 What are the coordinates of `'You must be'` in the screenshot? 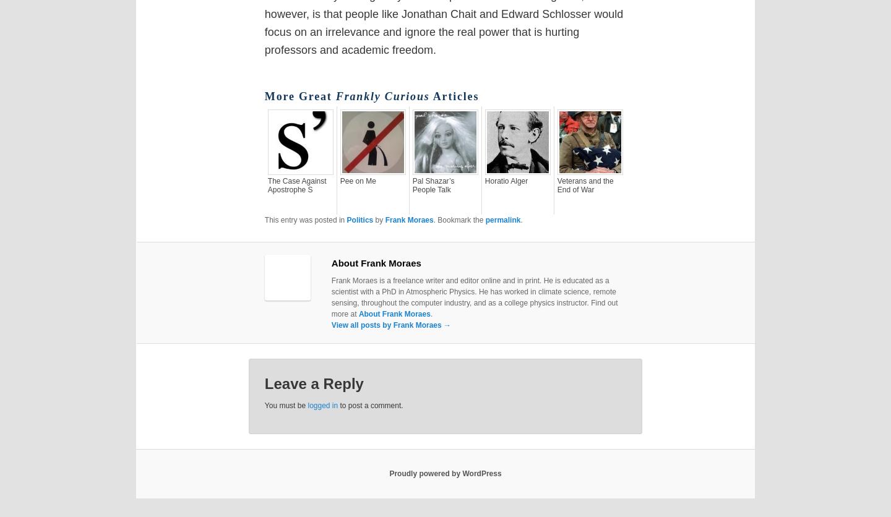 It's located at (285, 405).